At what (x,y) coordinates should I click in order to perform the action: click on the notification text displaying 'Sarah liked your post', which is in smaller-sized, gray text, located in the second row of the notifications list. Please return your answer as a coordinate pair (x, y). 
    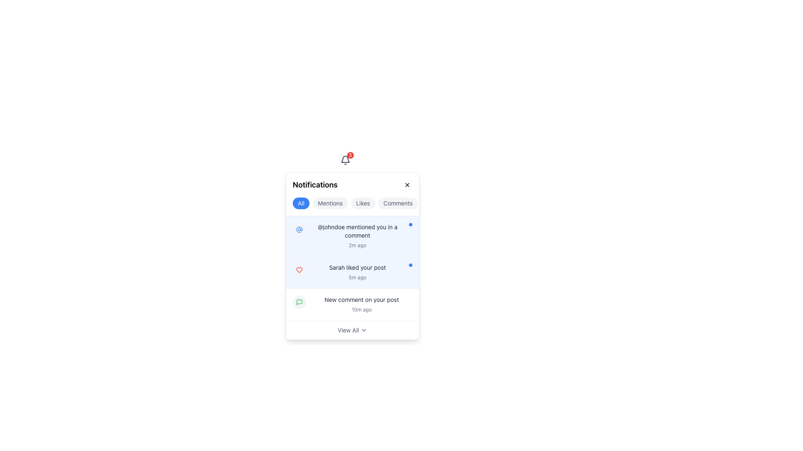
    Looking at the image, I should click on (357, 267).